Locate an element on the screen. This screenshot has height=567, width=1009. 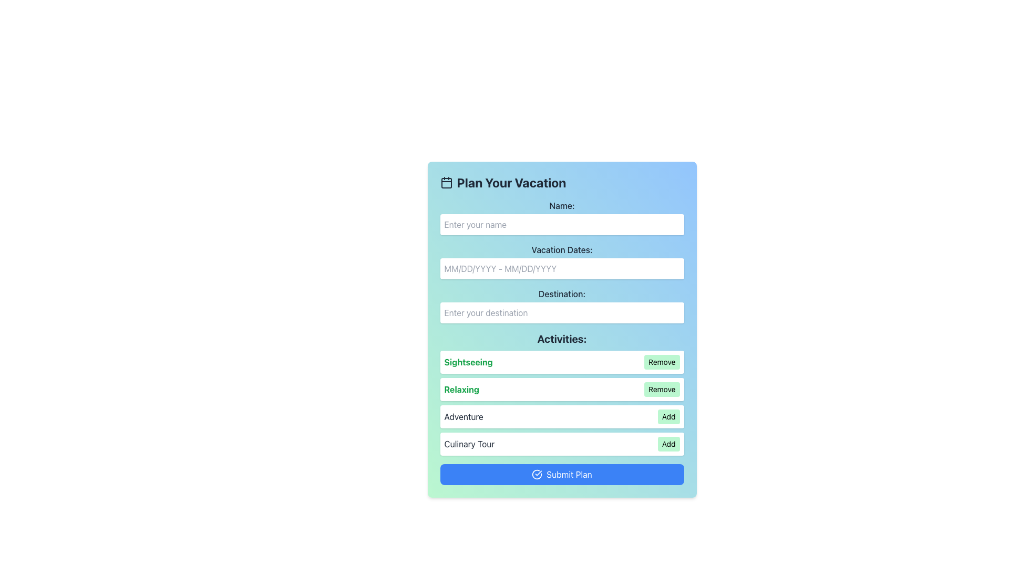
the header text with a decorative calendar icon that introduces the vacation planning form, located at the top of the interface is located at coordinates (561, 182).